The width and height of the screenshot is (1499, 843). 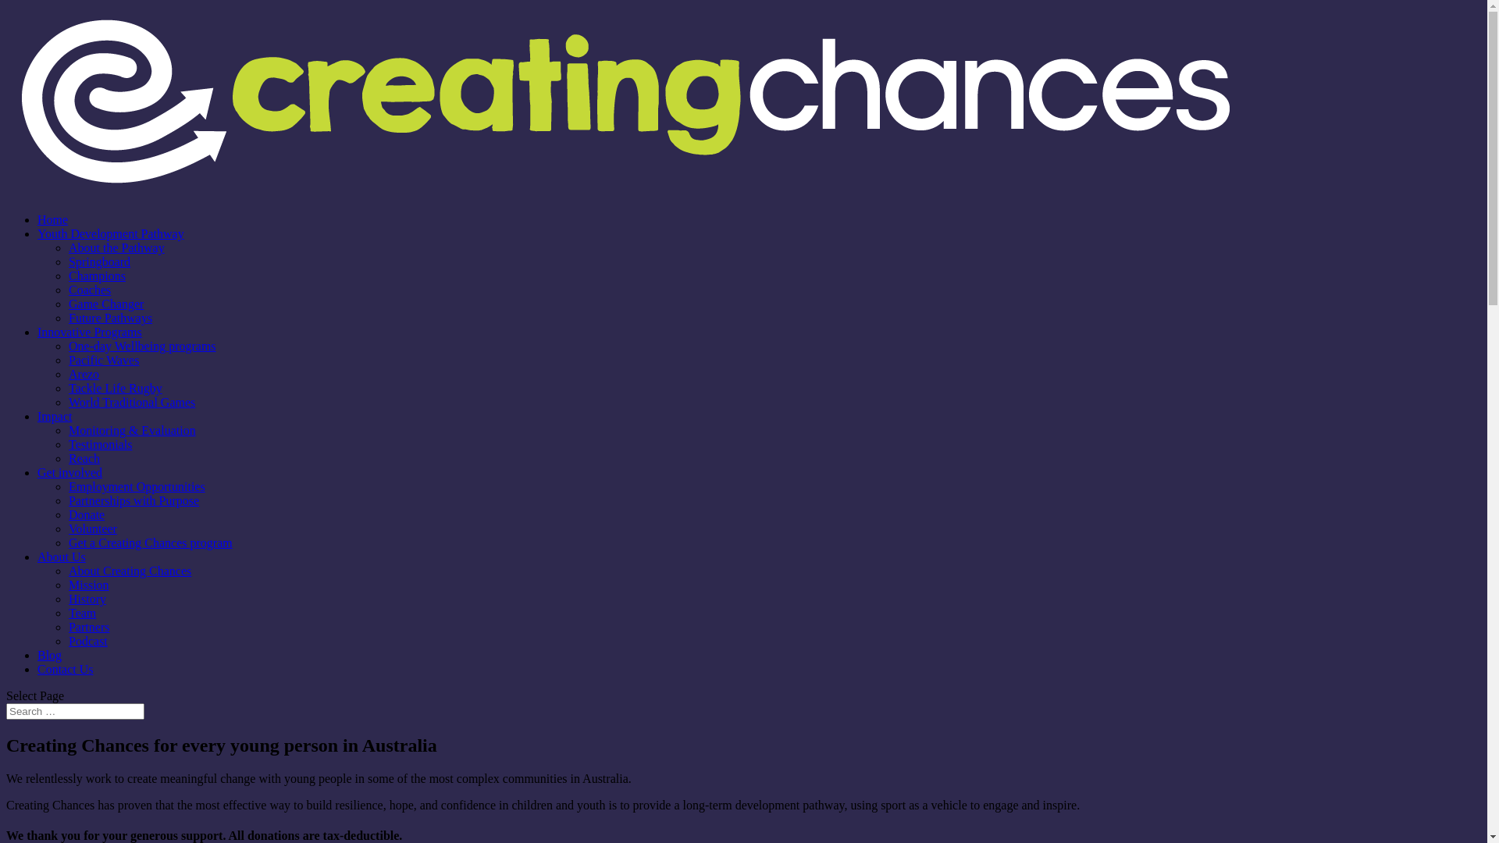 What do you see at coordinates (83, 374) in the screenshot?
I see `'Arezo'` at bounding box center [83, 374].